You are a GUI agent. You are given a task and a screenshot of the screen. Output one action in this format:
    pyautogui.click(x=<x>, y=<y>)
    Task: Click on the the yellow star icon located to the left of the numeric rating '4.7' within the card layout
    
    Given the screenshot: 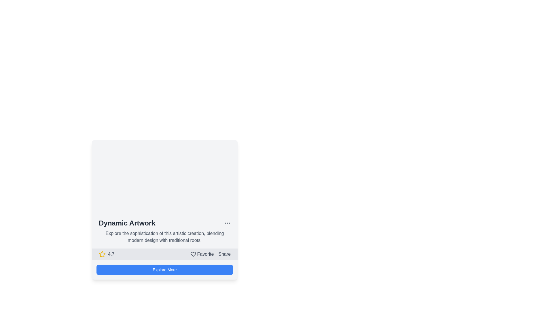 What is the action you would take?
    pyautogui.click(x=102, y=254)
    